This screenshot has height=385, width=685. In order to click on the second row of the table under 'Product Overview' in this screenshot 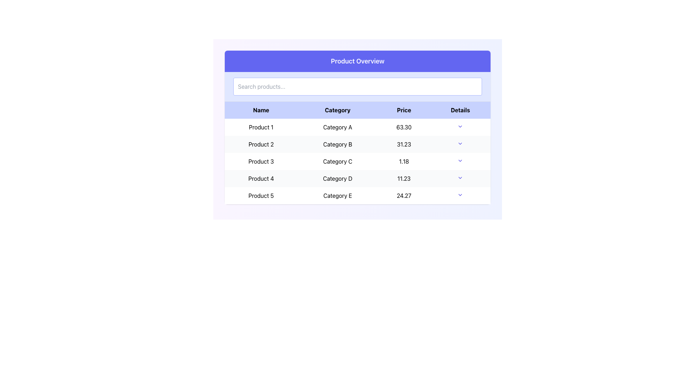, I will do `click(357, 144)`.